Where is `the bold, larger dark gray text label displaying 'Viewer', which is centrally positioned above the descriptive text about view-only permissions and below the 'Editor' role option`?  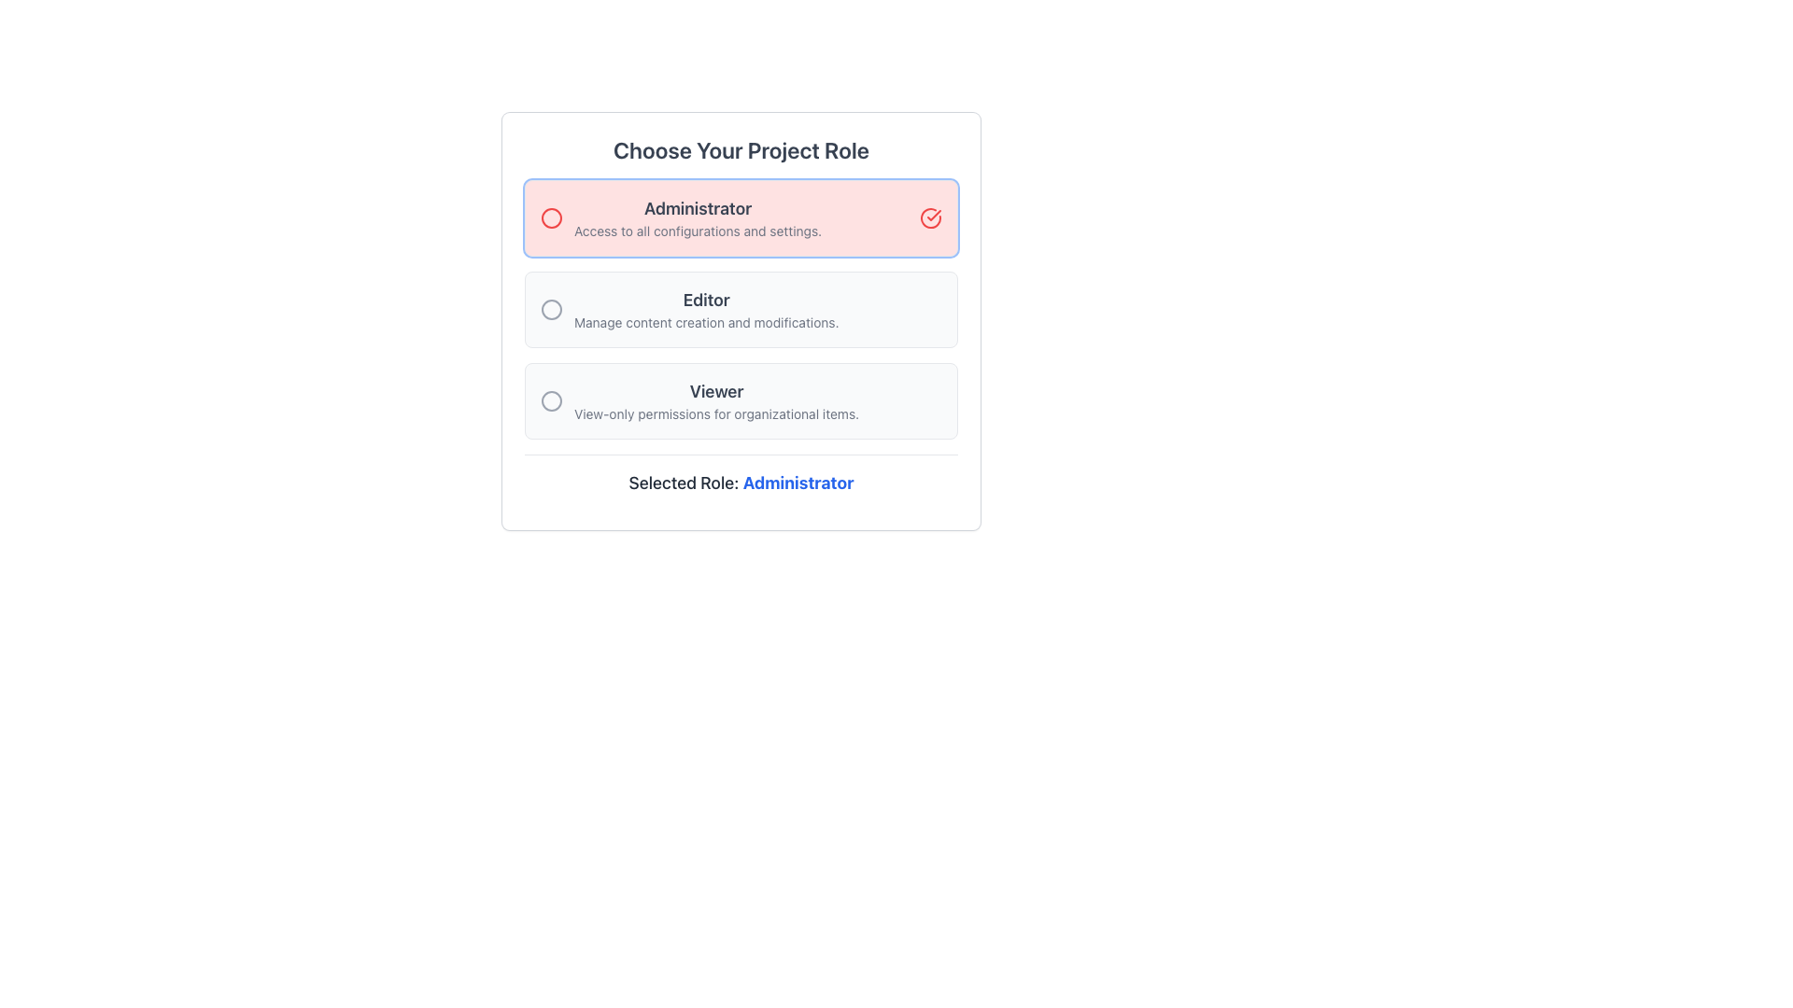 the bold, larger dark gray text label displaying 'Viewer', which is centrally positioned above the descriptive text about view-only permissions and below the 'Editor' role option is located at coordinates (715, 391).